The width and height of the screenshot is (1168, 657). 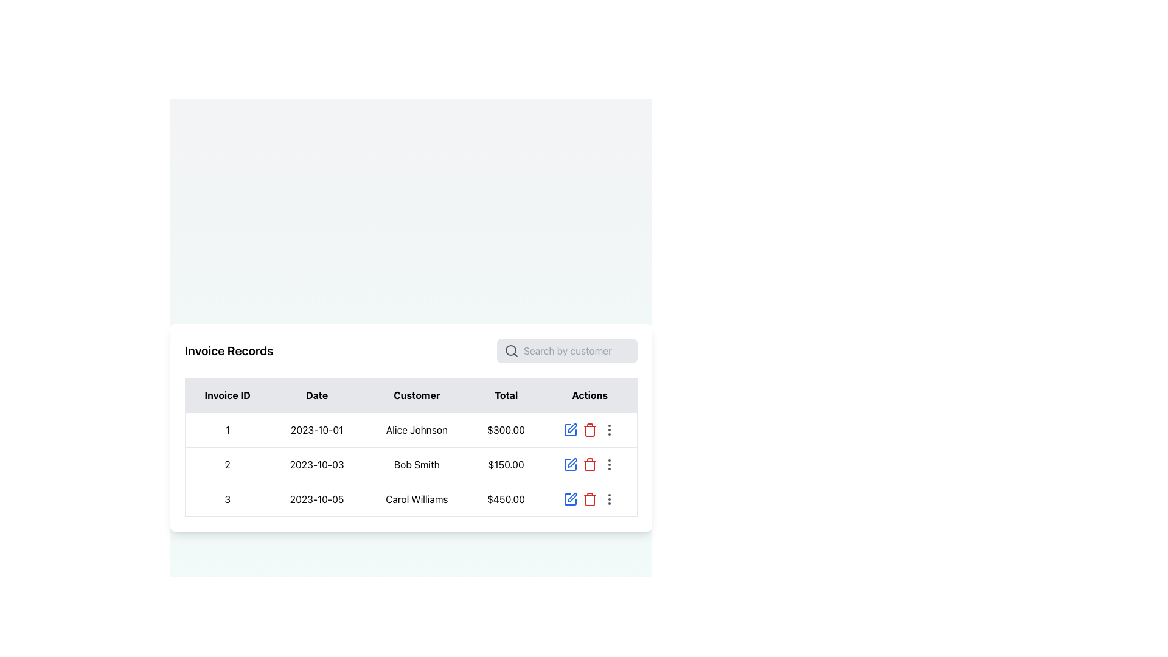 What do you see at coordinates (589, 499) in the screenshot?
I see `the delete button, which is the second icon in the Actions column for the table row of 'Carol Williams'` at bounding box center [589, 499].